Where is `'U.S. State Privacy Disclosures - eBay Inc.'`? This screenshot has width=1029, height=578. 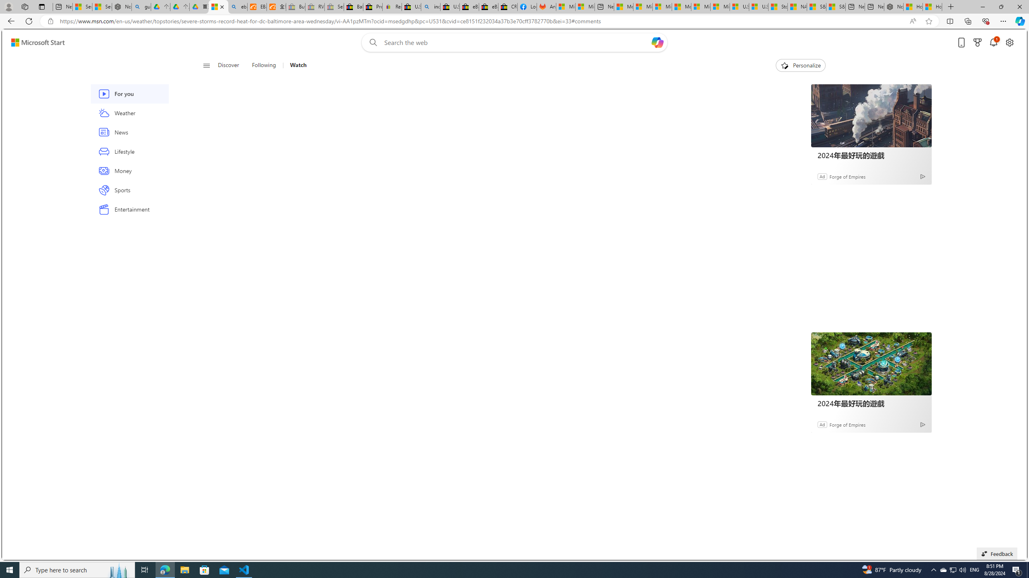
'U.S. State Privacy Disclosures - eBay Inc.' is located at coordinates (450, 6).